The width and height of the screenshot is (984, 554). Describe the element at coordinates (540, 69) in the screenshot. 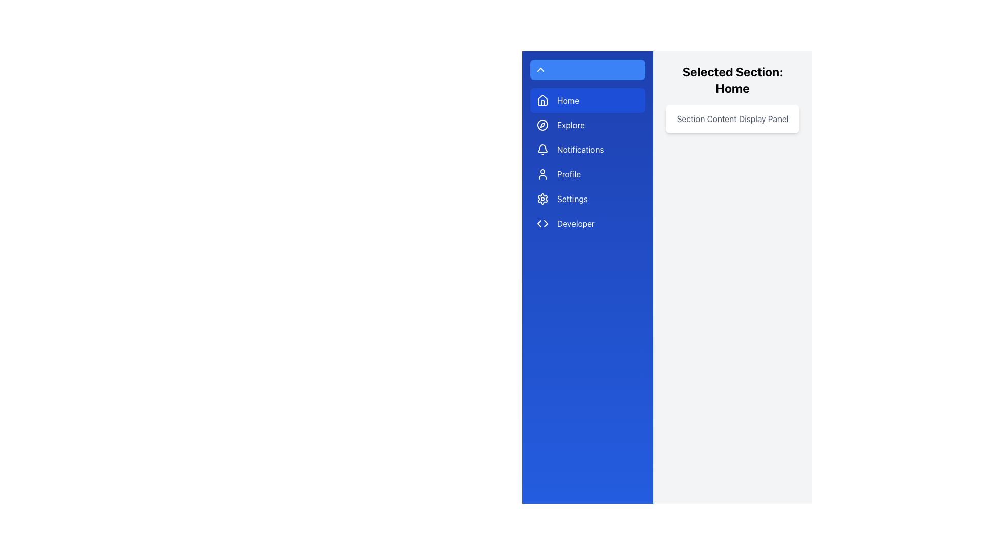

I see `the blue rounded button at the top of the side navigation bar` at that location.